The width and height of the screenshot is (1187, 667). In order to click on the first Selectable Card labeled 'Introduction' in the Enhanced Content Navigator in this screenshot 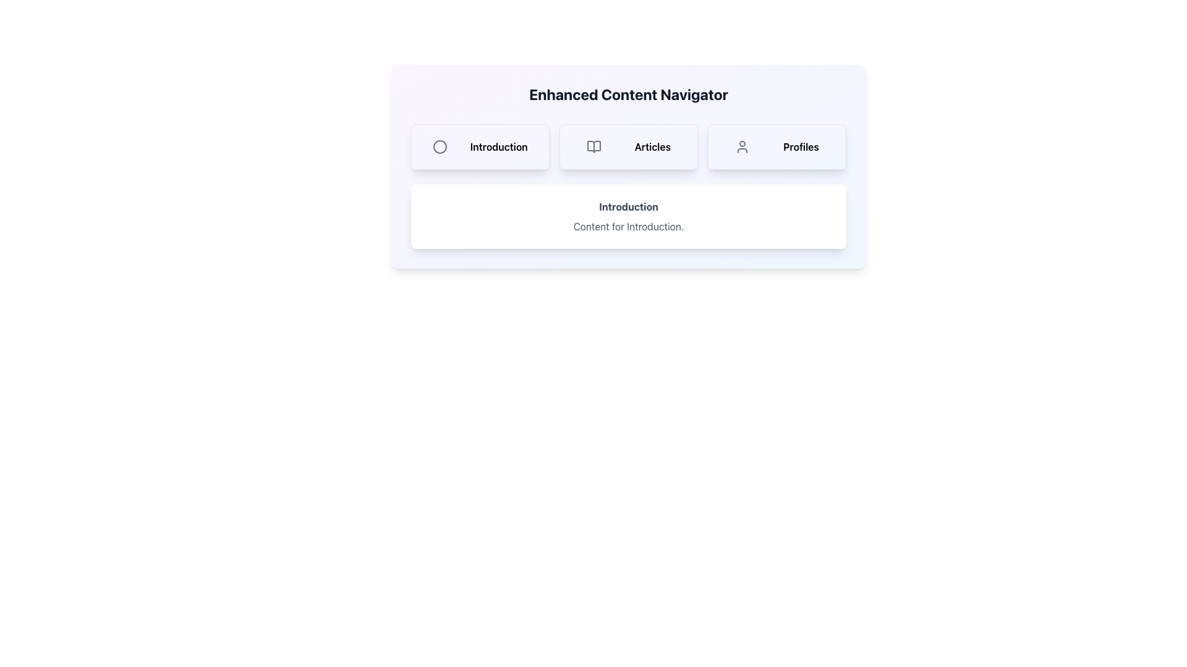, I will do `click(480, 146)`.